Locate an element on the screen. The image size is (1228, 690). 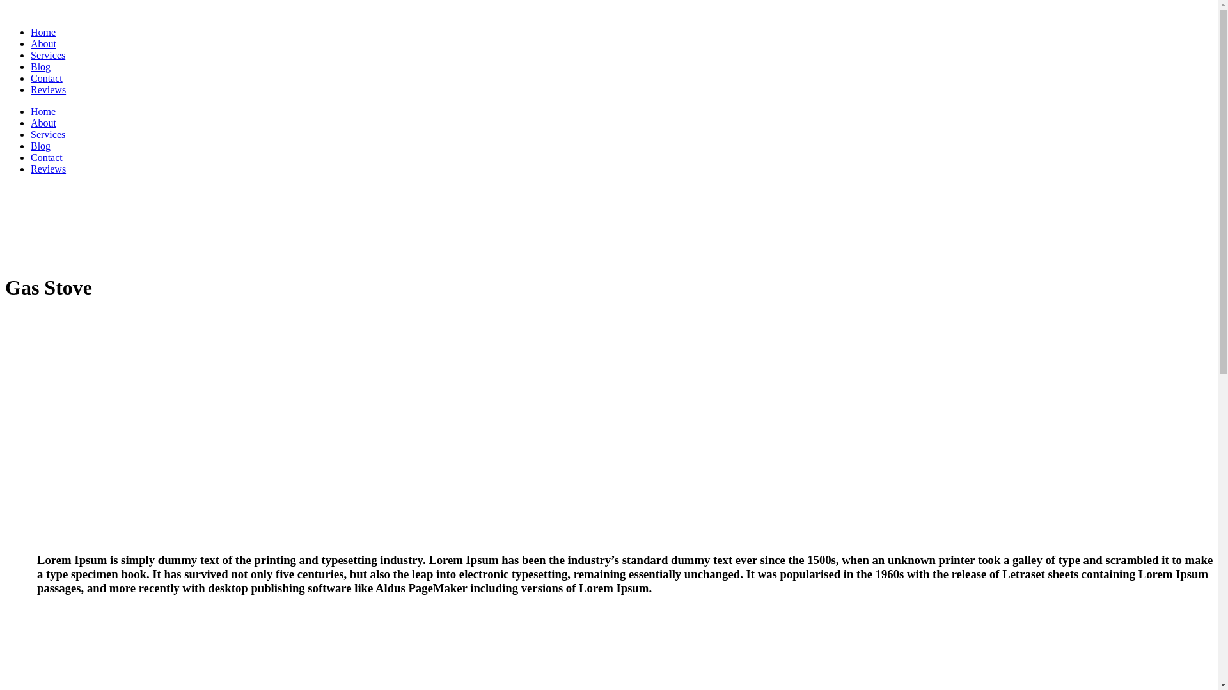
'Blog' is located at coordinates (40, 145).